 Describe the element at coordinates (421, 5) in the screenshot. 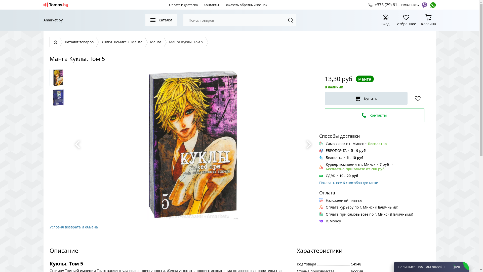

I see `'Viber'` at that location.